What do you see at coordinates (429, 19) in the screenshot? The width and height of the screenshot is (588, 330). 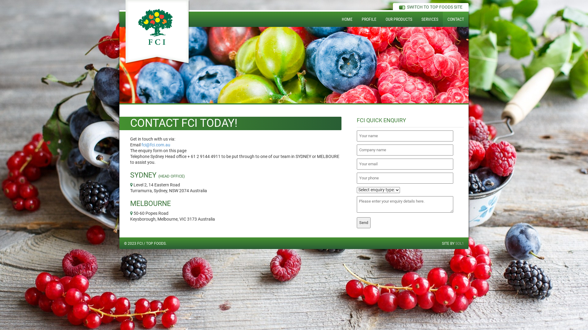 I see `'SERVICES'` at bounding box center [429, 19].